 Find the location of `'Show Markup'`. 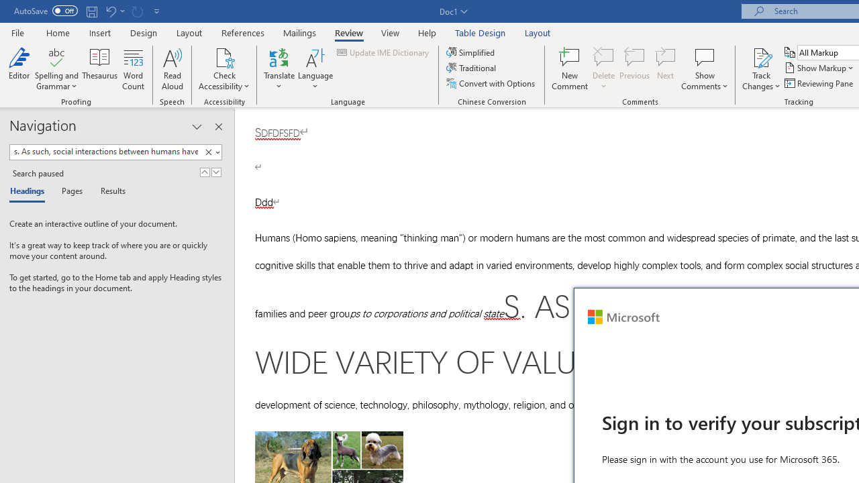

'Show Markup' is located at coordinates (819, 68).